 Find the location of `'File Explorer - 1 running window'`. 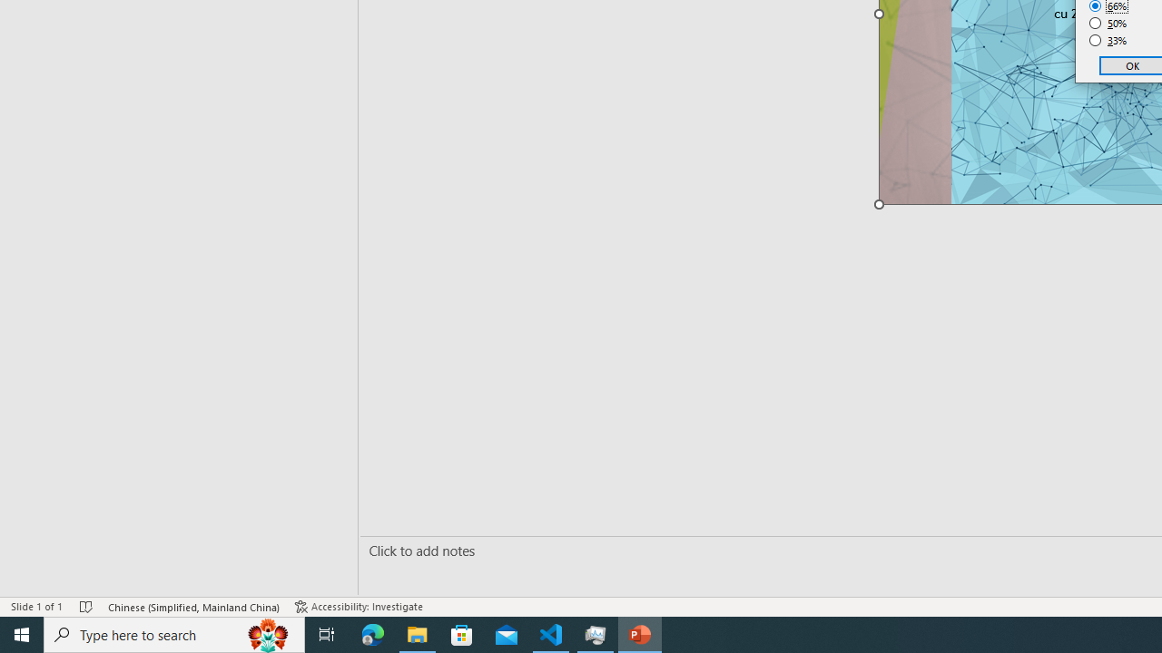

'File Explorer - 1 running window' is located at coordinates (417, 633).